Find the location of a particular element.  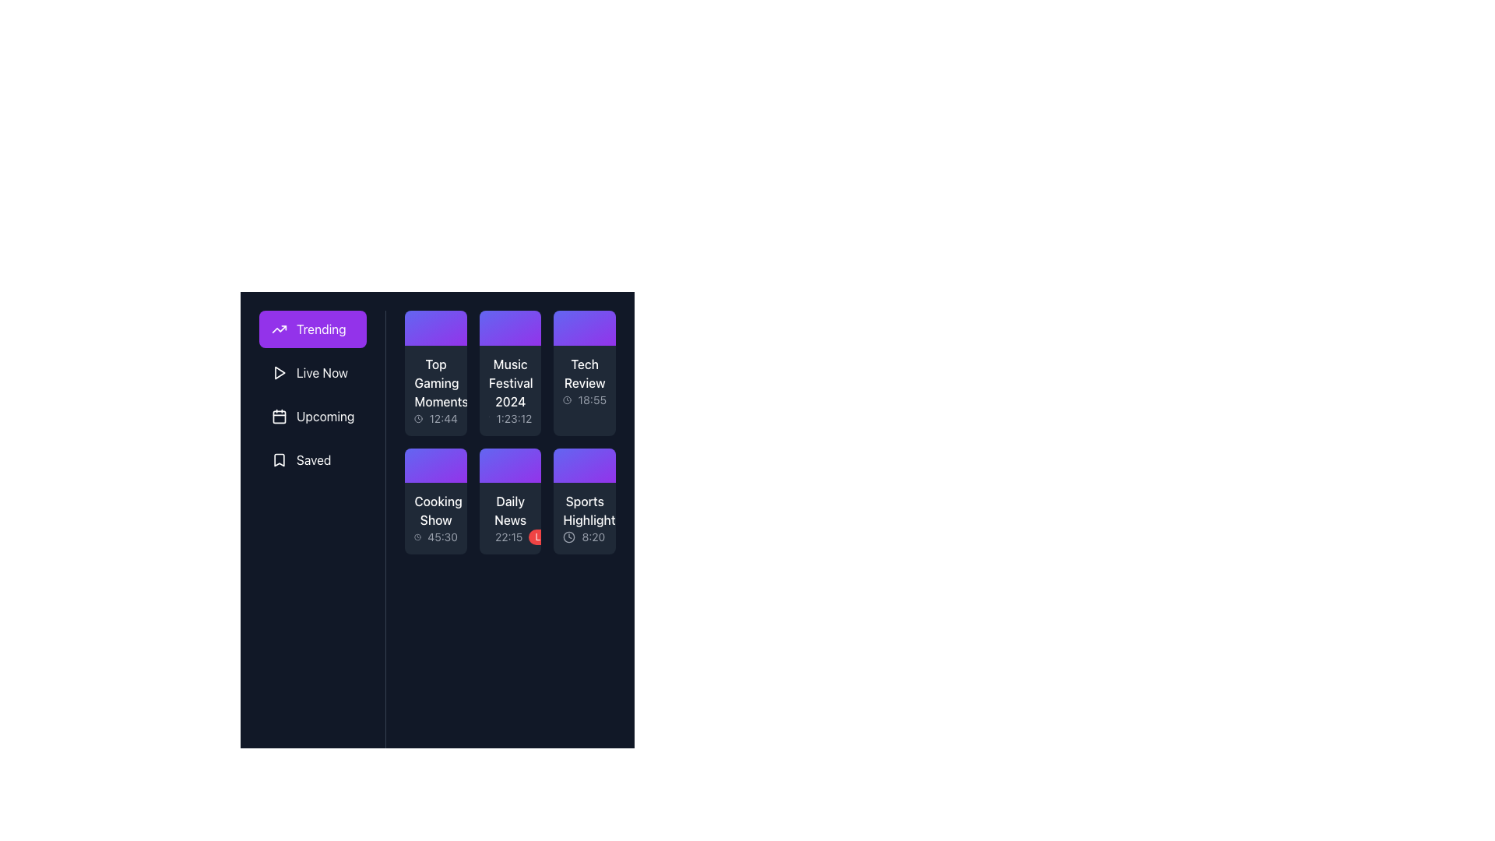

the 'Live Now' text label located in the left sidebar navigation menu, below the 'Trending' button is located at coordinates (321, 372).